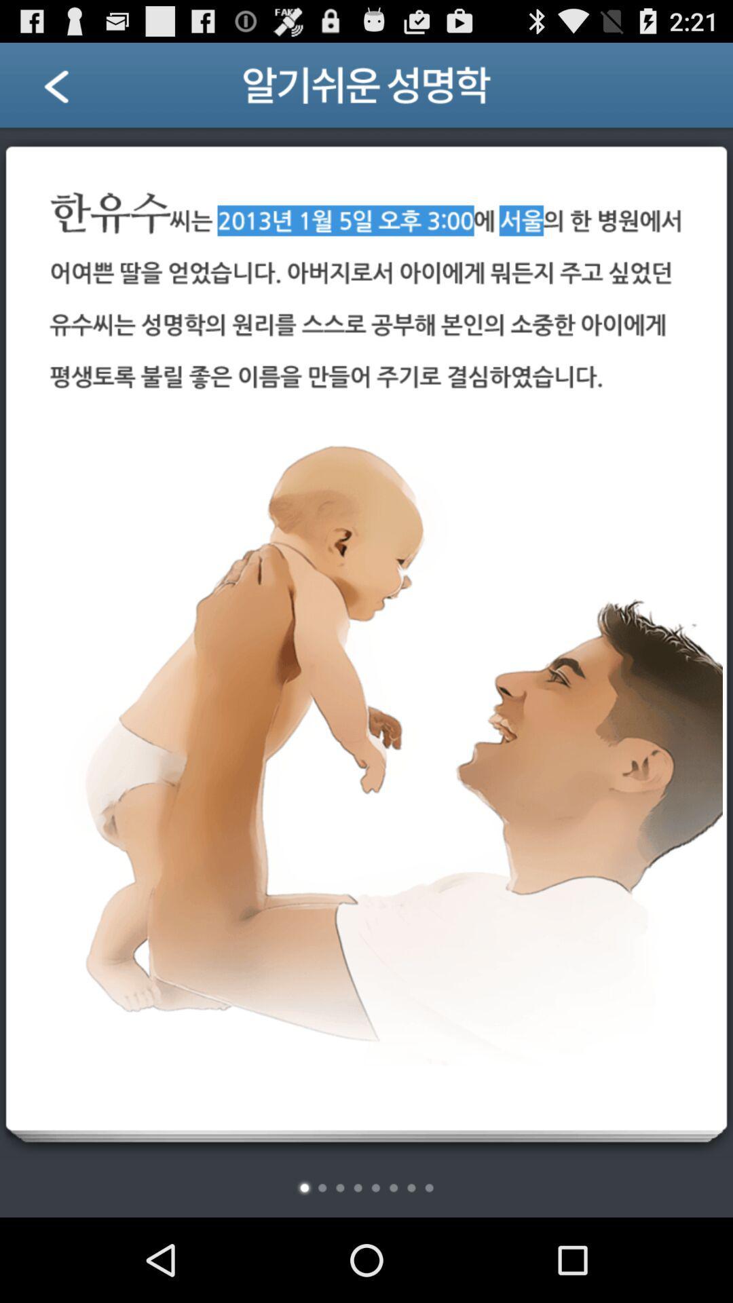 This screenshot has height=1303, width=733. What do you see at coordinates (73, 90) in the screenshot?
I see `go back` at bounding box center [73, 90].